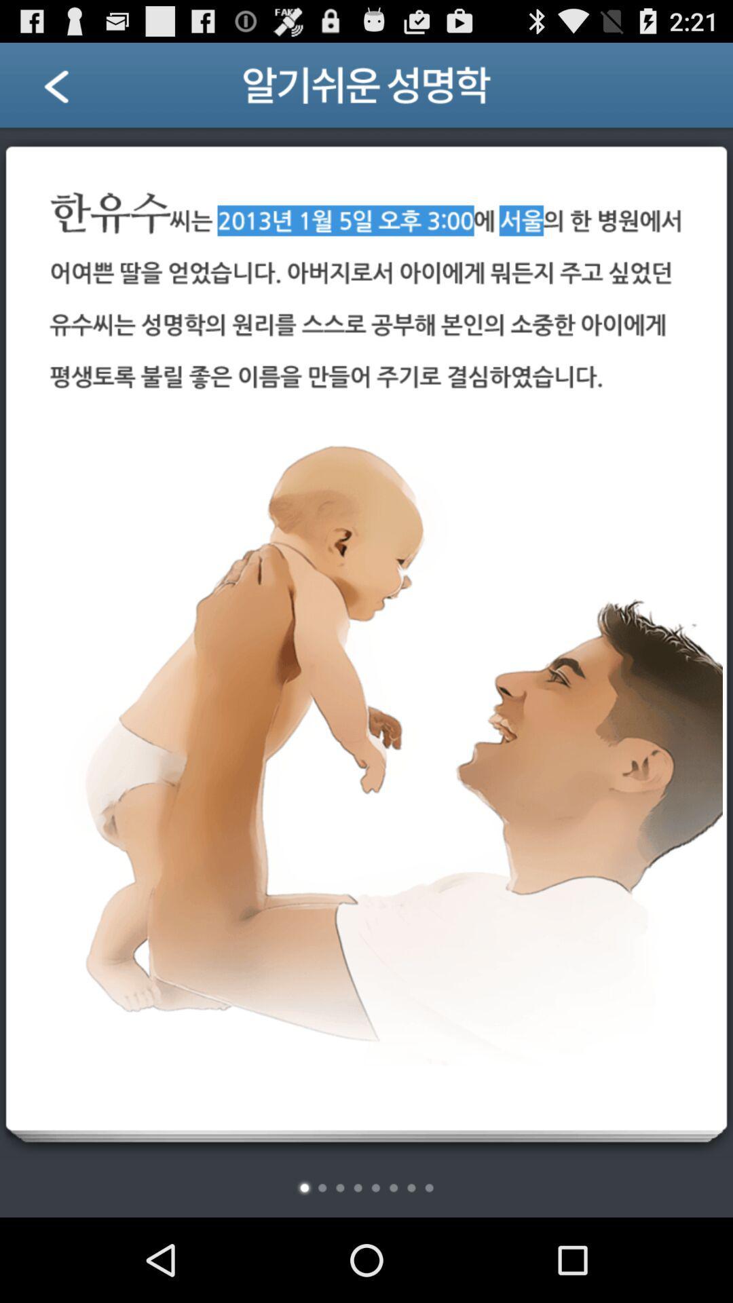 This screenshot has height=1303, width=733. What do you see at coordinates (73, 90) in the screenshot?
I see `go back` at bounding box center [73, 90].